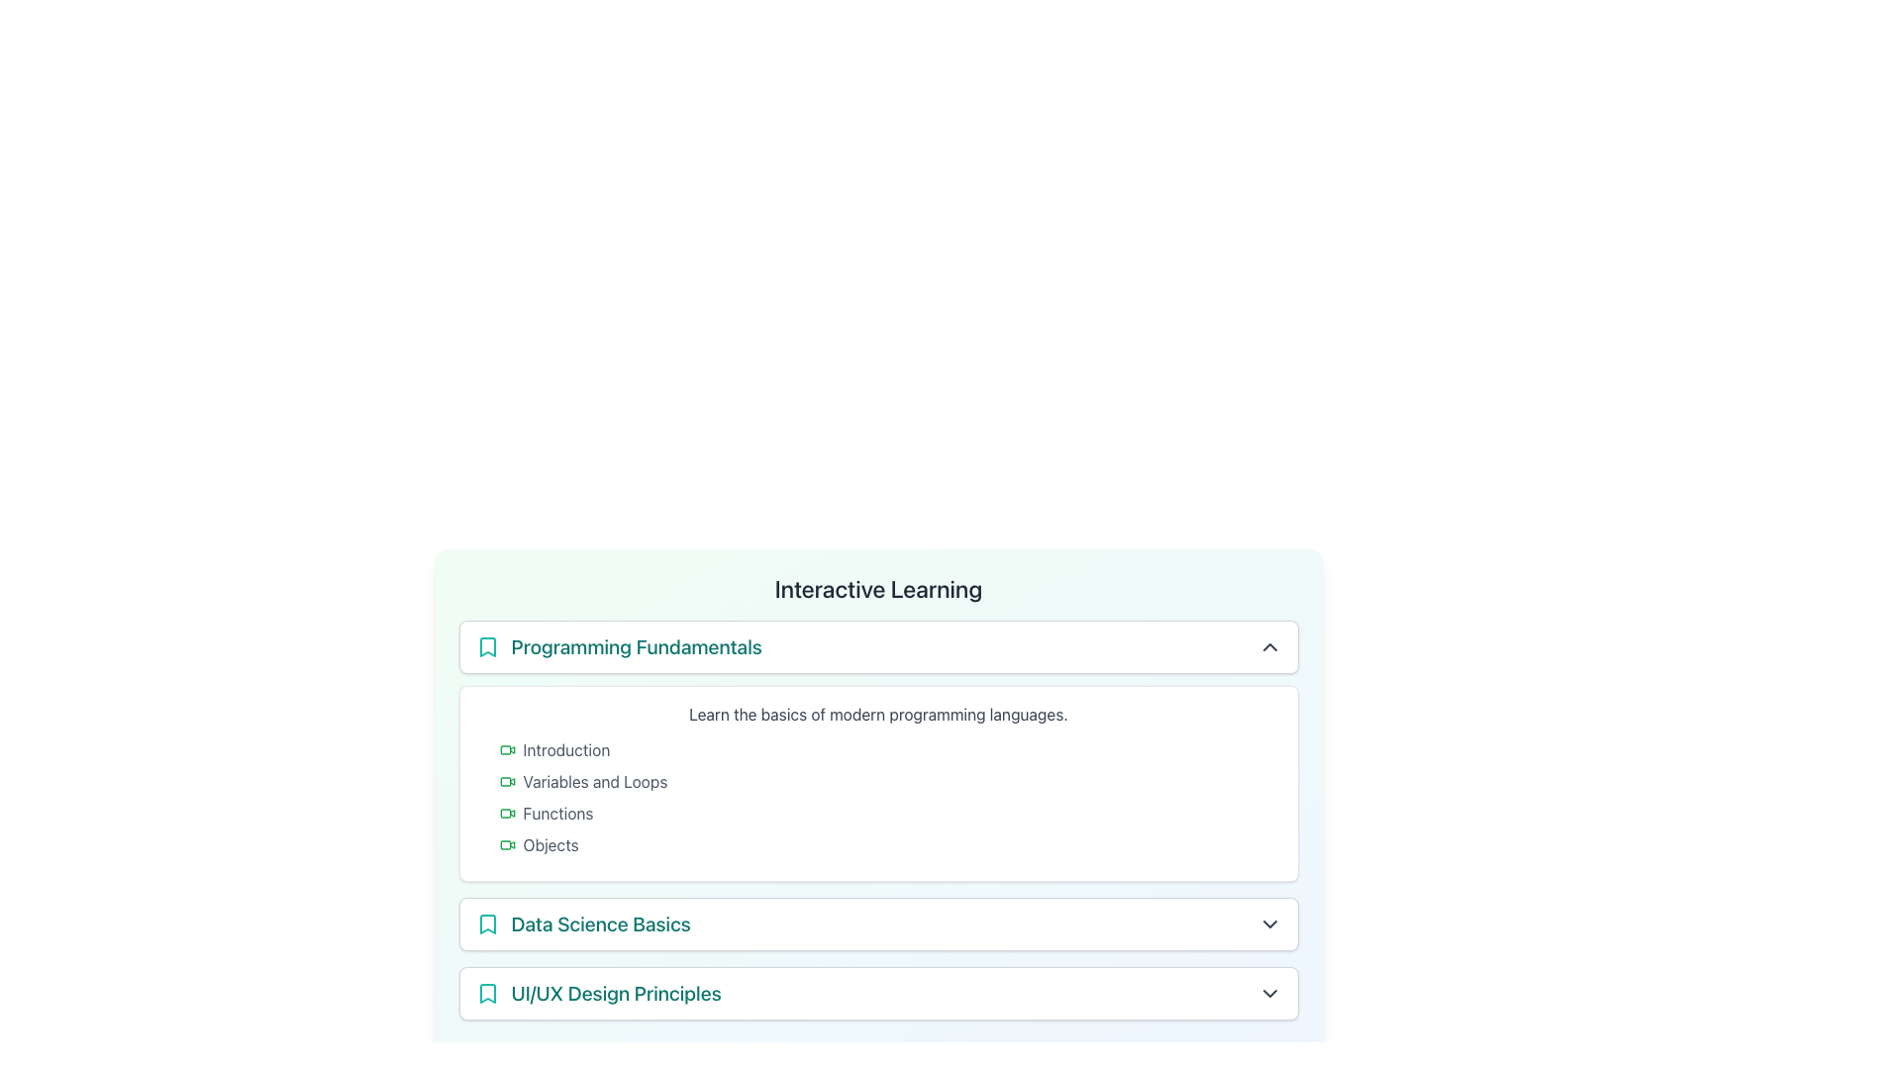 This screenshot has height=1069, width=1901. Describe the element at coordinates (487, 647) in the screenshot. I see `the bookmark icon located in the top-left corner of its section` at that location.